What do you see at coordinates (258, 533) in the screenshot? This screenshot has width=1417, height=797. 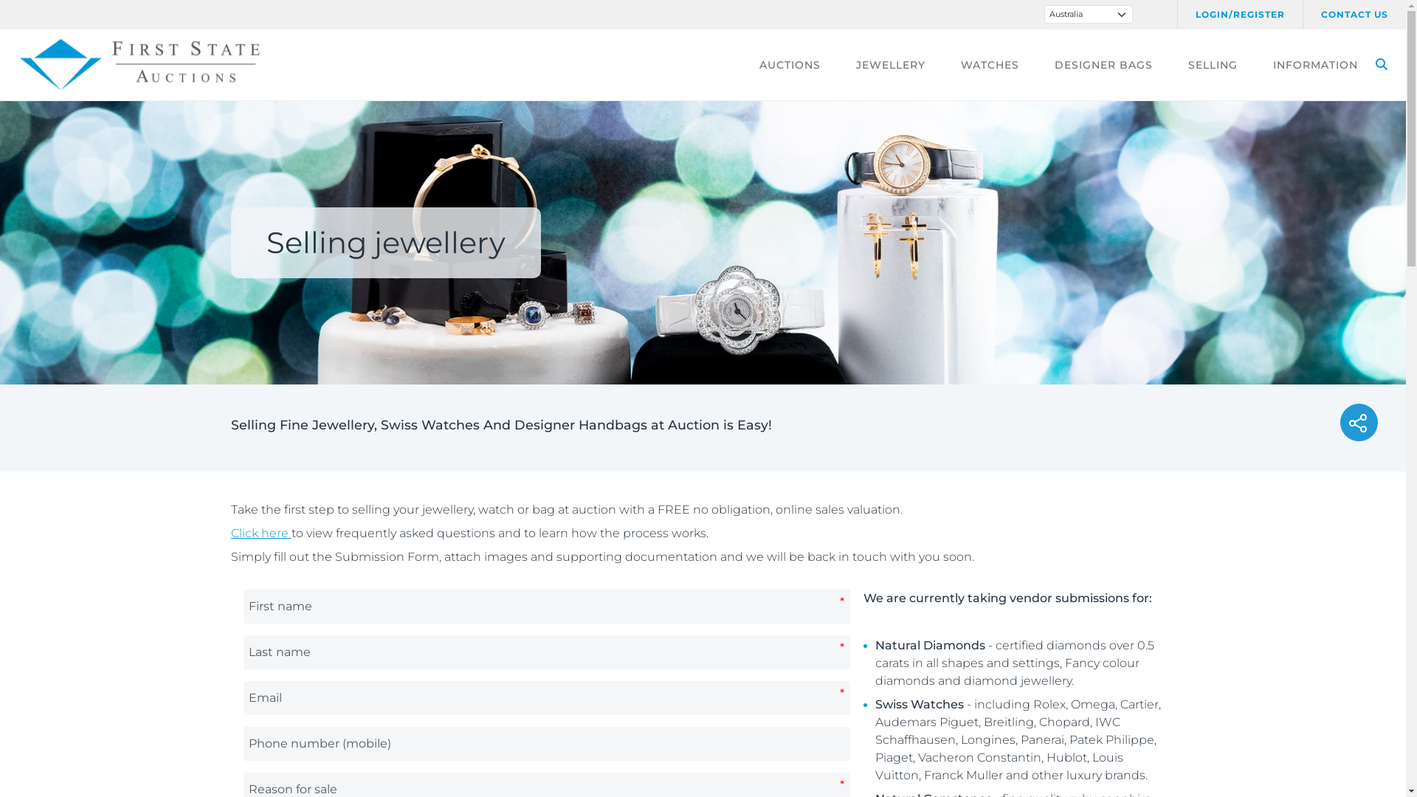 I see `'Click here'` at bounding box center [258, 533].